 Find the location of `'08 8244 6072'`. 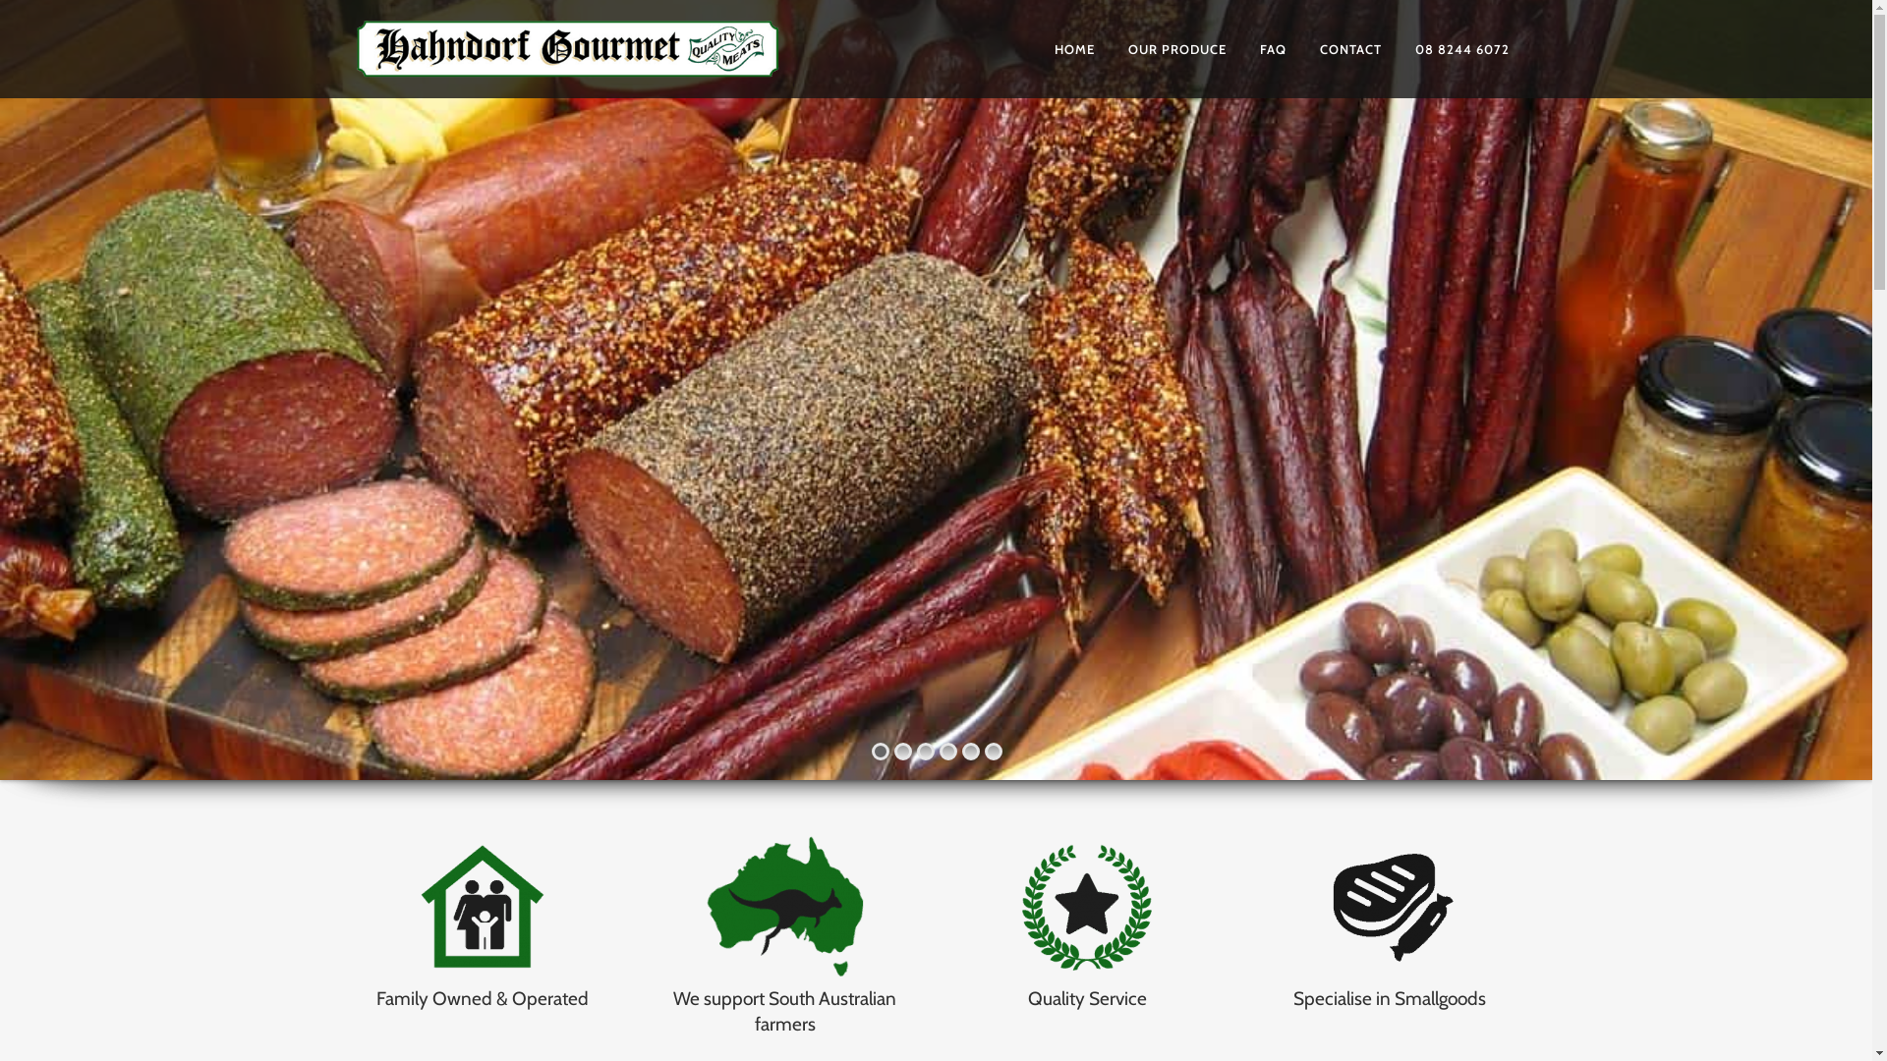

'08 8244 6072' is located at coordinates (1461, 48).